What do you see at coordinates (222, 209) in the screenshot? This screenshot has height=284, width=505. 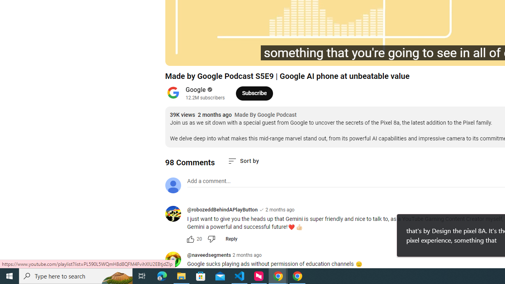 I see `'@robozeddBehindAPlayButton'` at bounding box center [222, 209].